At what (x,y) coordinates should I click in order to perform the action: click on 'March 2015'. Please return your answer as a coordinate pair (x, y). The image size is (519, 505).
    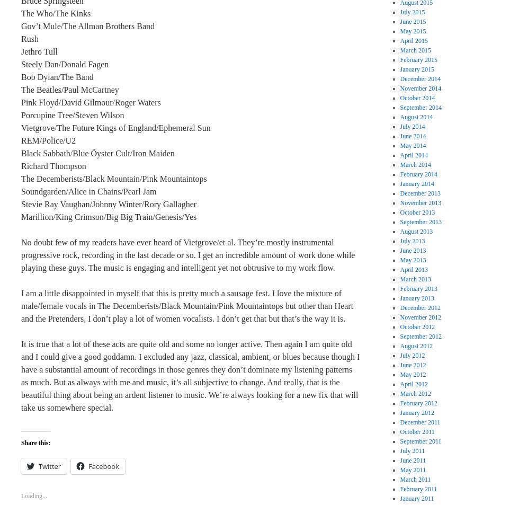
    Looking at the image, I should click on (399, 50).